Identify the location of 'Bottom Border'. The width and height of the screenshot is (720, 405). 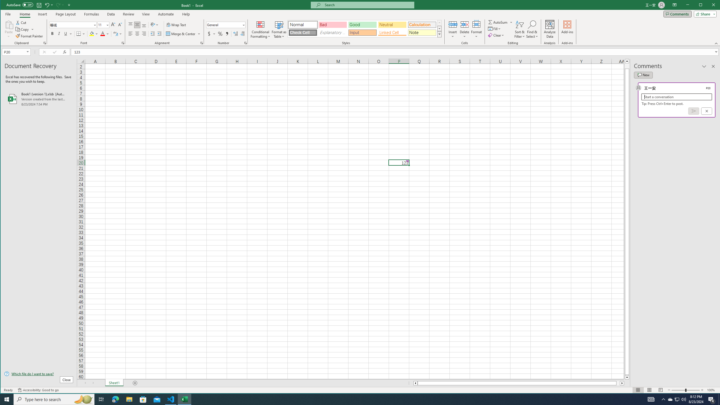
(79, 33).